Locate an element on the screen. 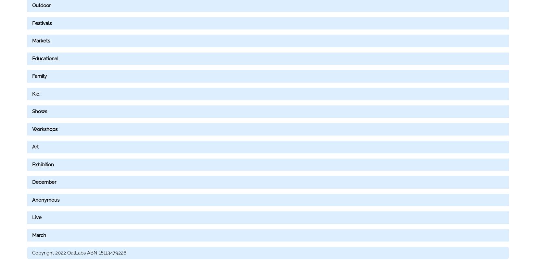 The width and height of the screenshot is (536, 260). 'Kid' is located at coordinates (36, 93).